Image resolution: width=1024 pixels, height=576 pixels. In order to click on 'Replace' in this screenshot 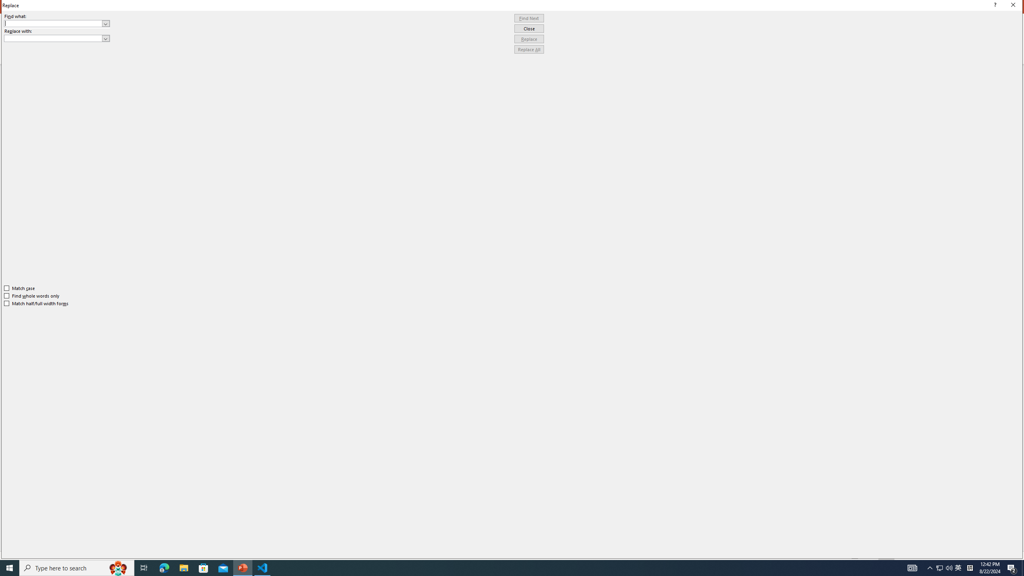, I will do `click(529, 38)`.